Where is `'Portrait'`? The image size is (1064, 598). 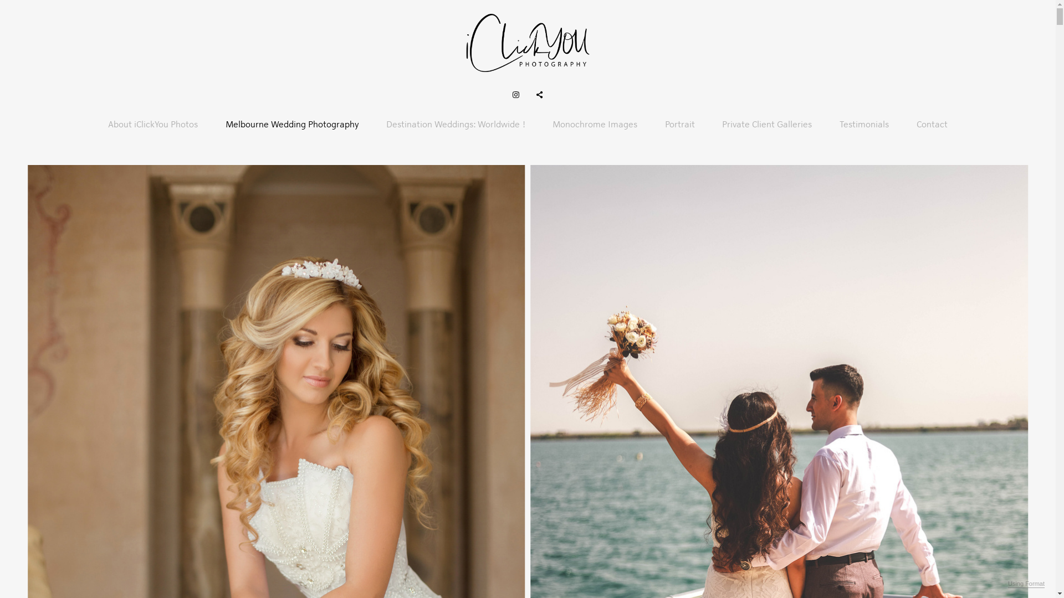
'Portrait' is located at coordinates (679, 125).